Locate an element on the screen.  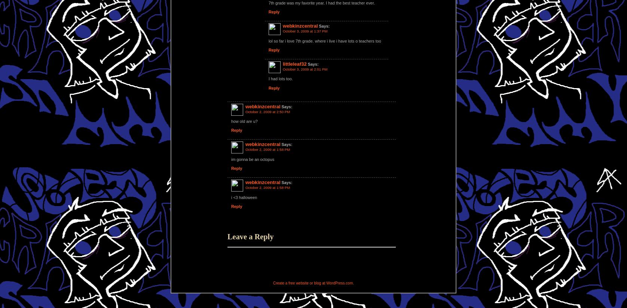
'Leave a Reply' is located at coordinates (250, 236).